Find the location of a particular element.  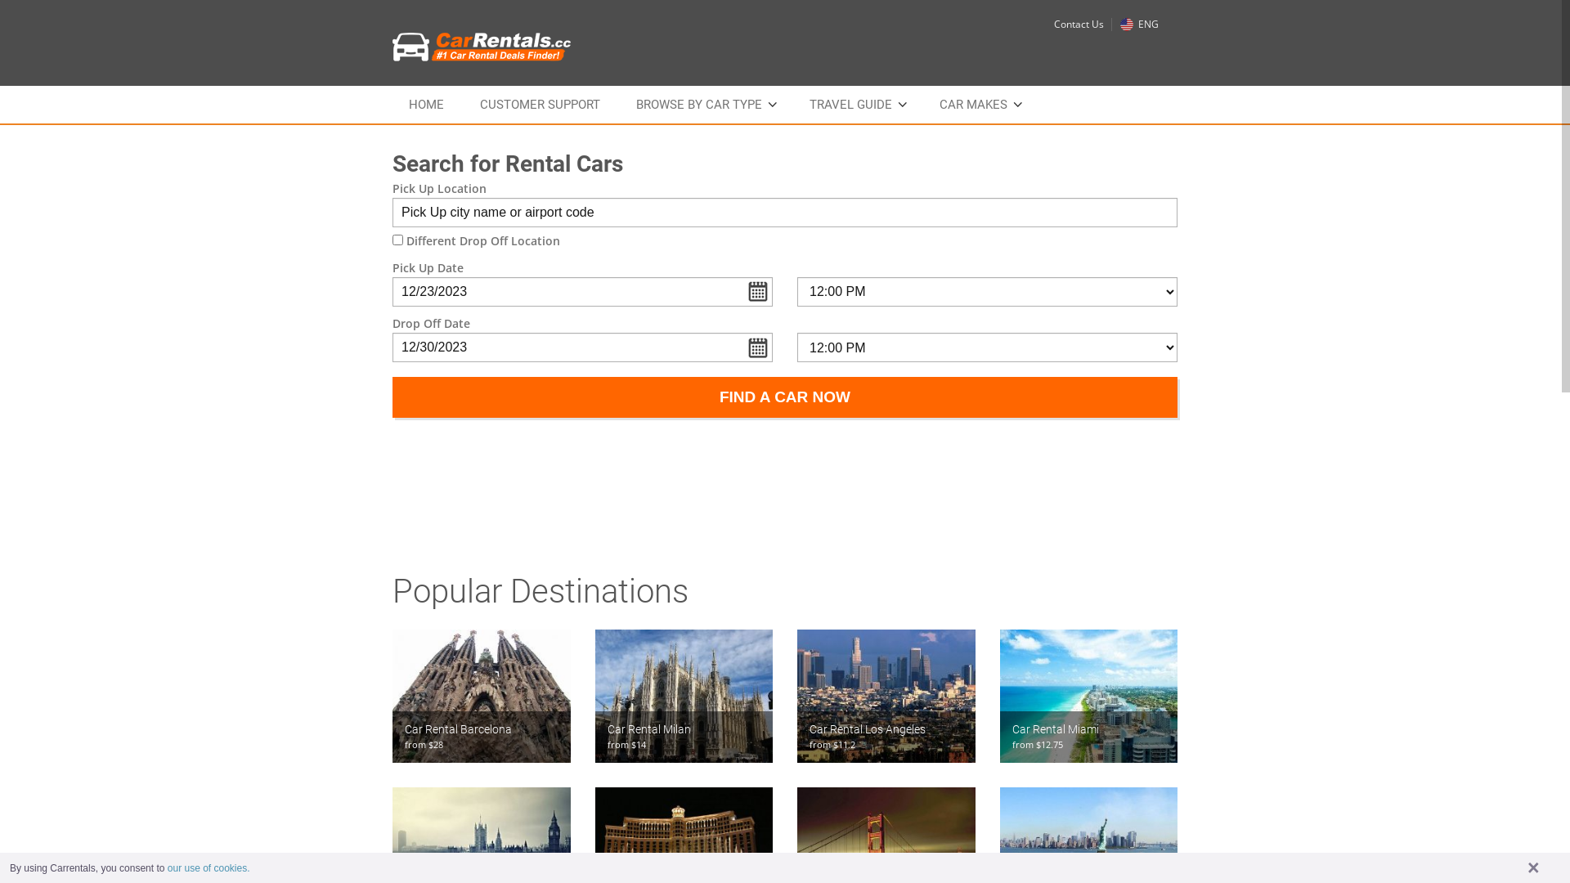

'CAR MAKES' is located at coordinates (979, 104).